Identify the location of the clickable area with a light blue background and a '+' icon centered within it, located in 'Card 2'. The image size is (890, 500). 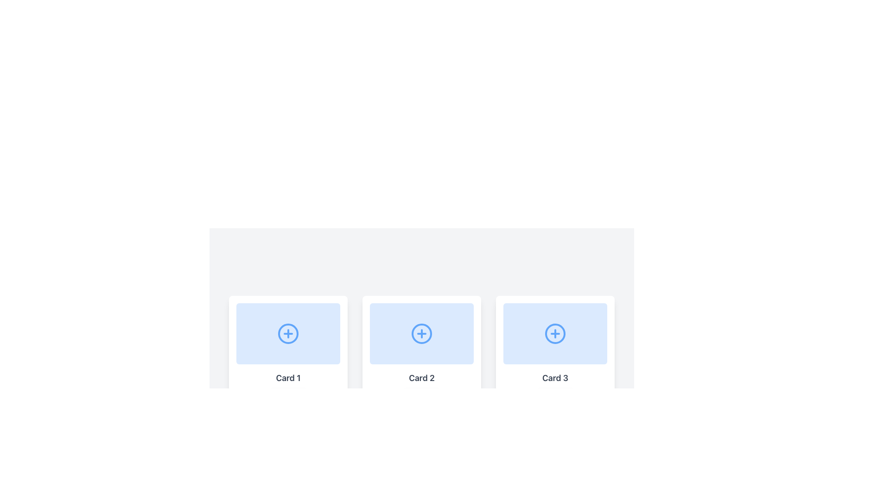
(421, 334).